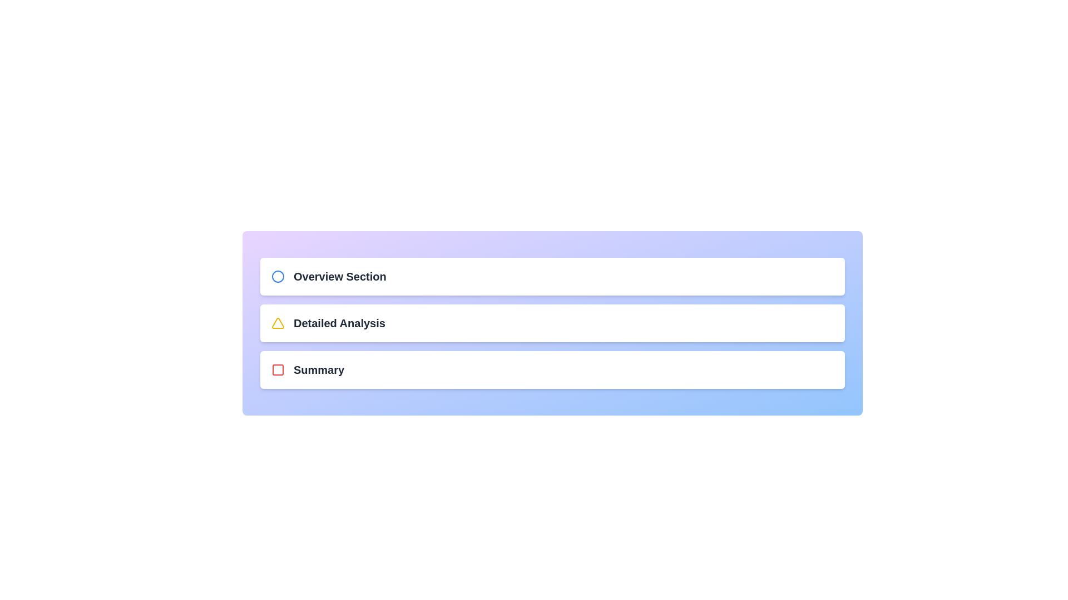 The image size is (1068, 600). What do you see at coordinates (278, 276) in the screenshot?
I see `the blue circular outline SVG element with a diameter of 10, located near the uppermost 'Overview Section' text label` at bounding box center [278, 276].